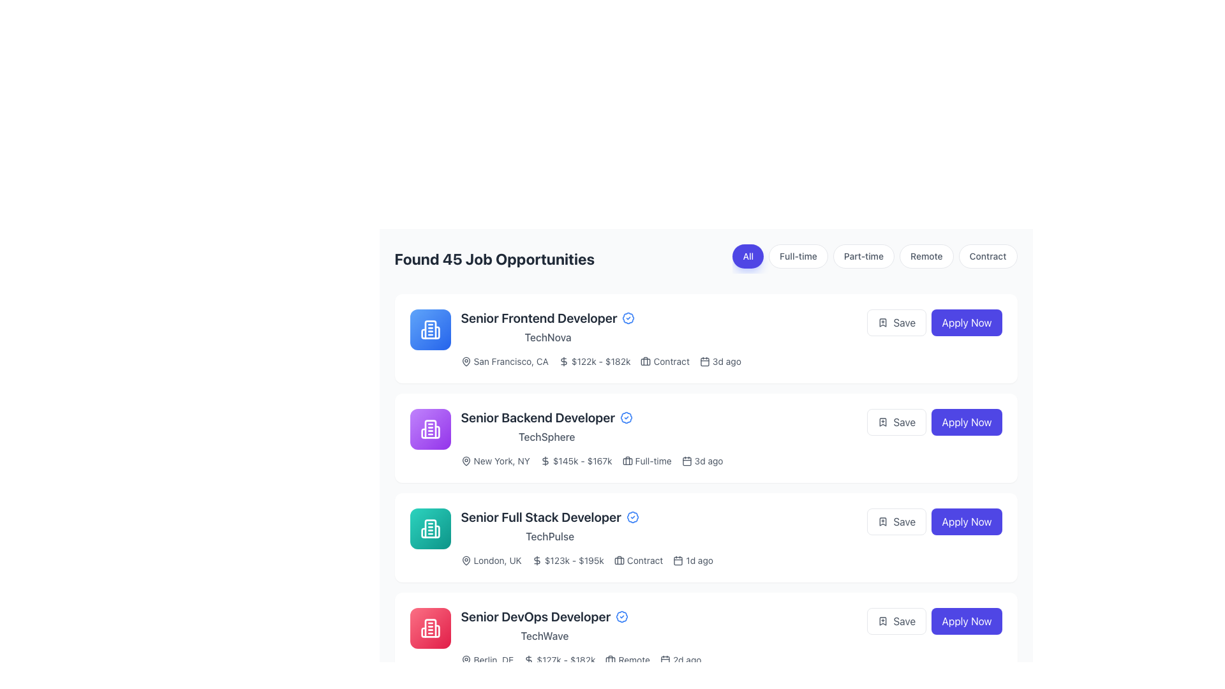 This screenshot has height=689, width=1225. I want to click on text from the Text Label that displays the primary job title and company name in the first job listing's main text area, located directly to the right of a blue company icon and above the job's additional details, so click(548, 327).